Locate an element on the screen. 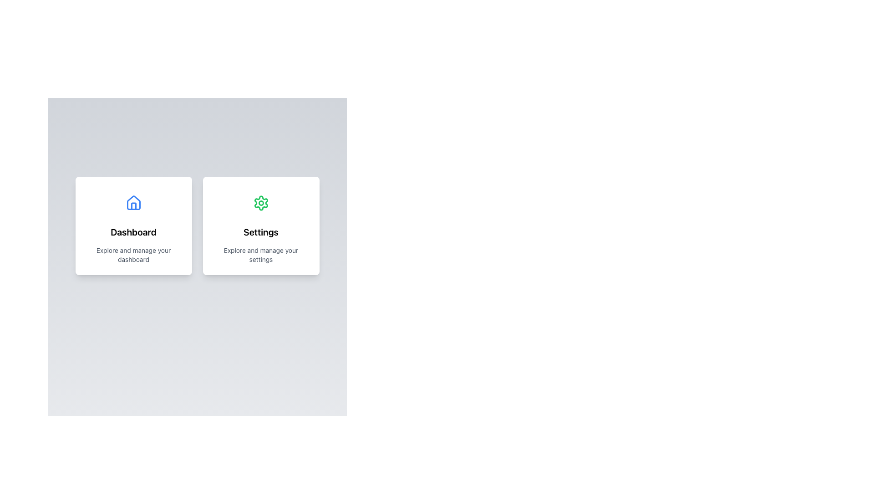 The height and width of the screenshot is (492, 874). the 'Settings' icon located on the rectangular button card to the right of the 'Dashboard' card, which is centered at the top of the card is located at coordinates (260, 203).